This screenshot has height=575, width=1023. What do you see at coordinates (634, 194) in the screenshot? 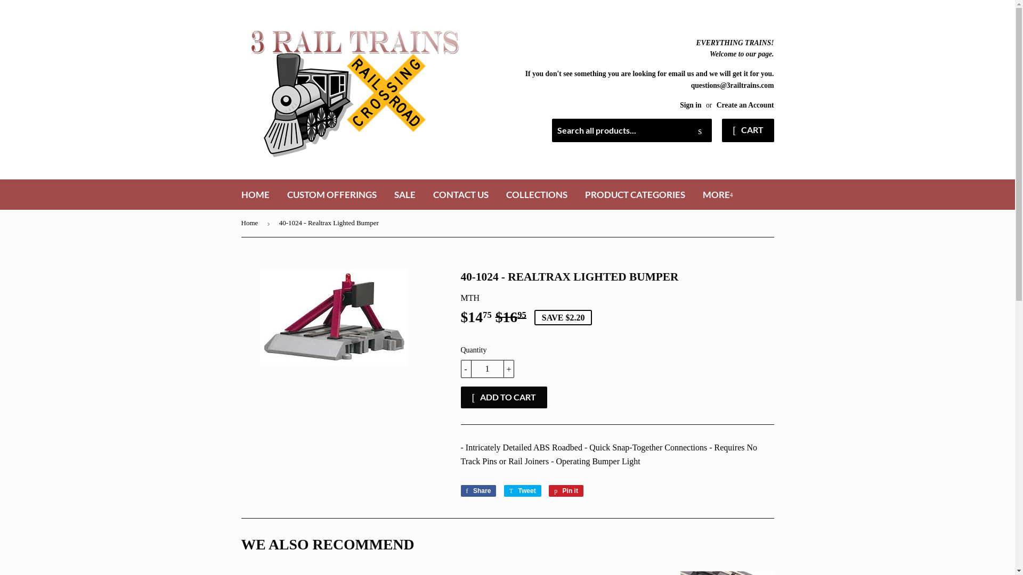
I see `'PRODUCT CATEGORIES'` at bounding box center [634, 194].